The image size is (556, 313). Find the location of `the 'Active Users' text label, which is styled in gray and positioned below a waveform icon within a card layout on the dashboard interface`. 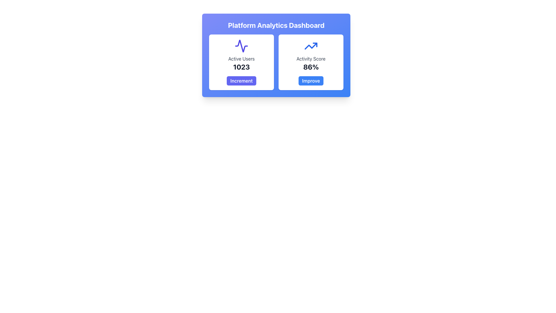

the 'Active Users' text label, which is styled in gray and positioned below a waveform icon within a card layout on the dashboard interface is located at coordinates (242, 59).